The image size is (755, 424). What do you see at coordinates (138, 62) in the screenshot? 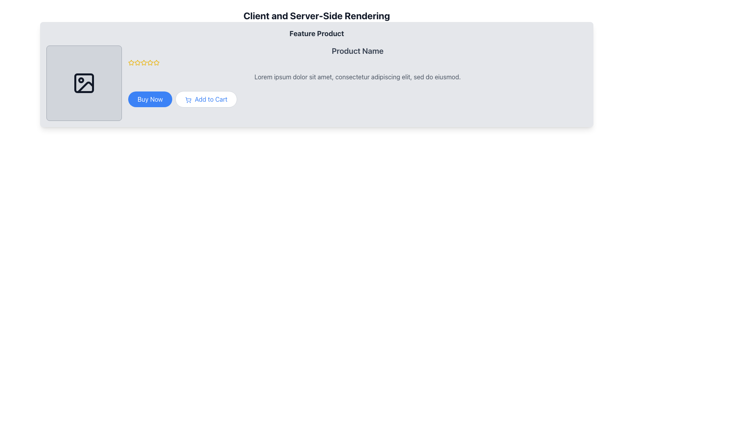
I see `the third star icon in a sequence of five yellow star-shaped icons located in the upper left quadrant of the main content area` at bounding box center [138, 62].